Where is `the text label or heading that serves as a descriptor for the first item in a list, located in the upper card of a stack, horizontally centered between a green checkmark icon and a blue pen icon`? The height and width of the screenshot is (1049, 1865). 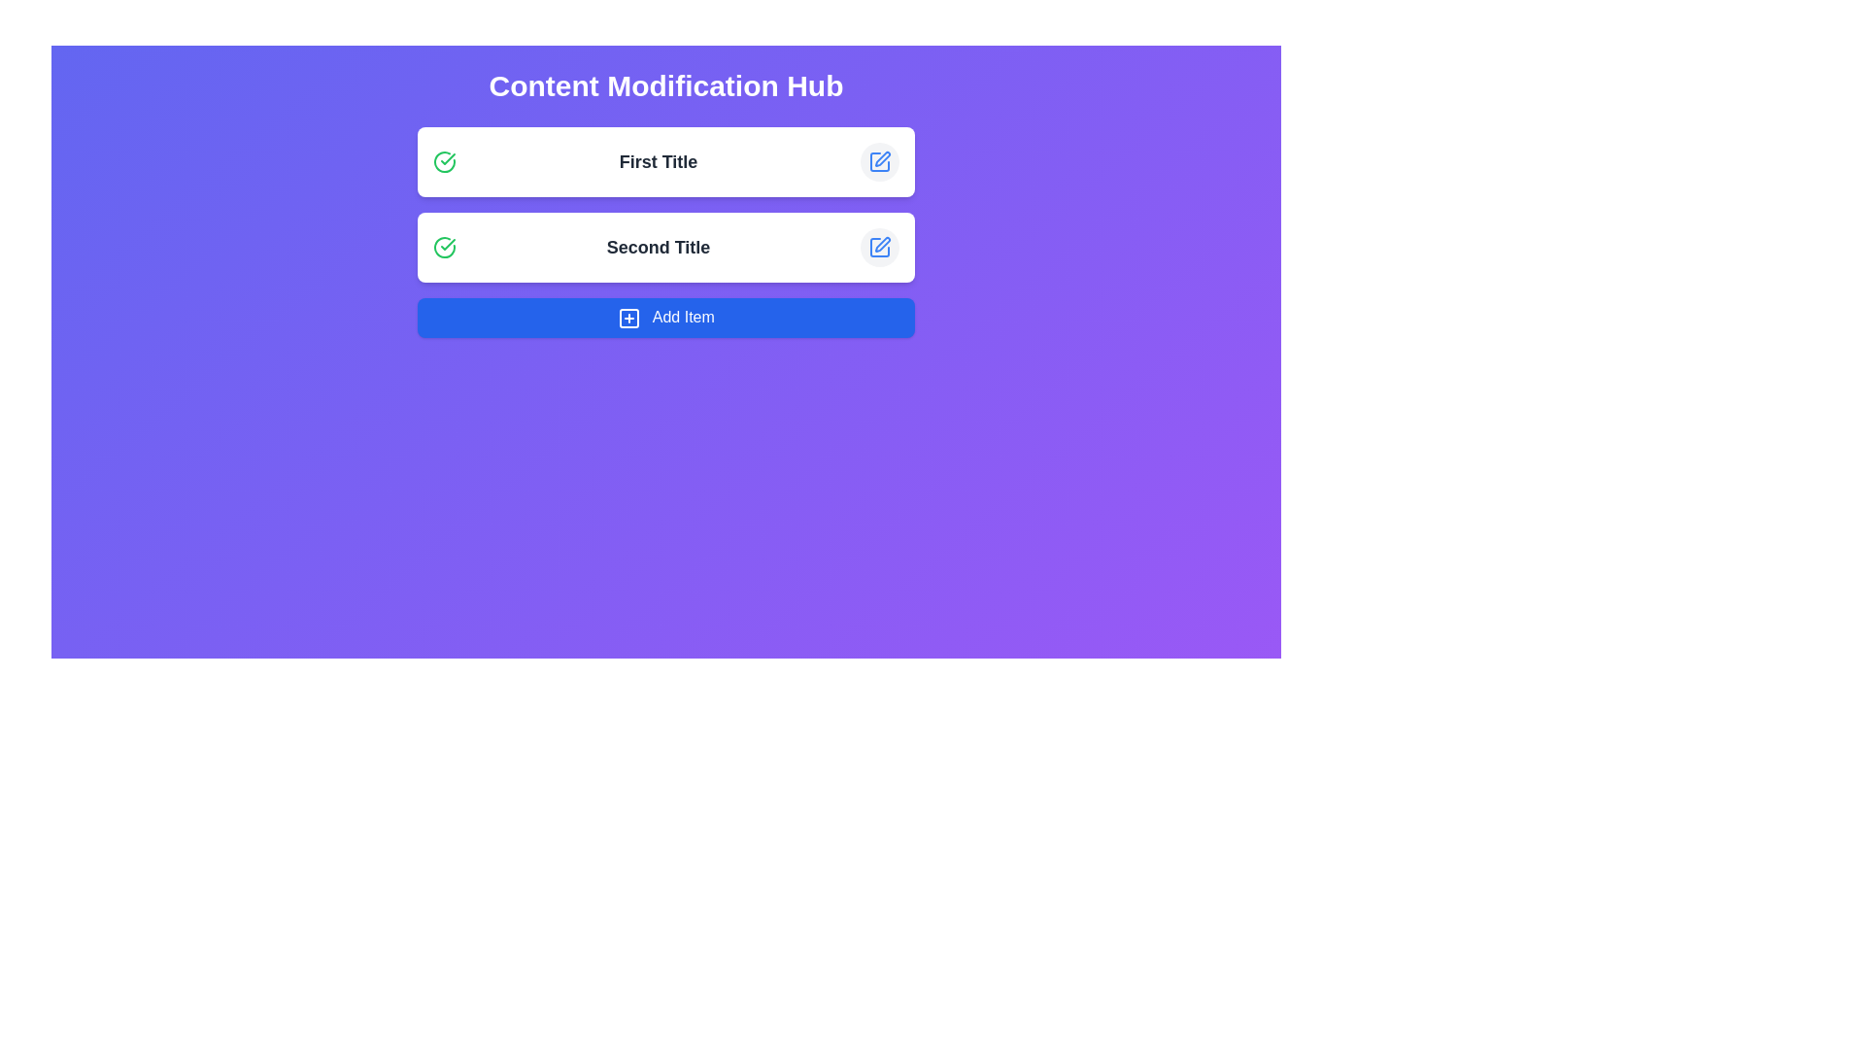 the text label or heading that serves as a descriptor for the first item in a list, located in the upper card of a stack, horizontally centered between a green checkmark icon and a blue pen icon is located at coordinates (658, 160).